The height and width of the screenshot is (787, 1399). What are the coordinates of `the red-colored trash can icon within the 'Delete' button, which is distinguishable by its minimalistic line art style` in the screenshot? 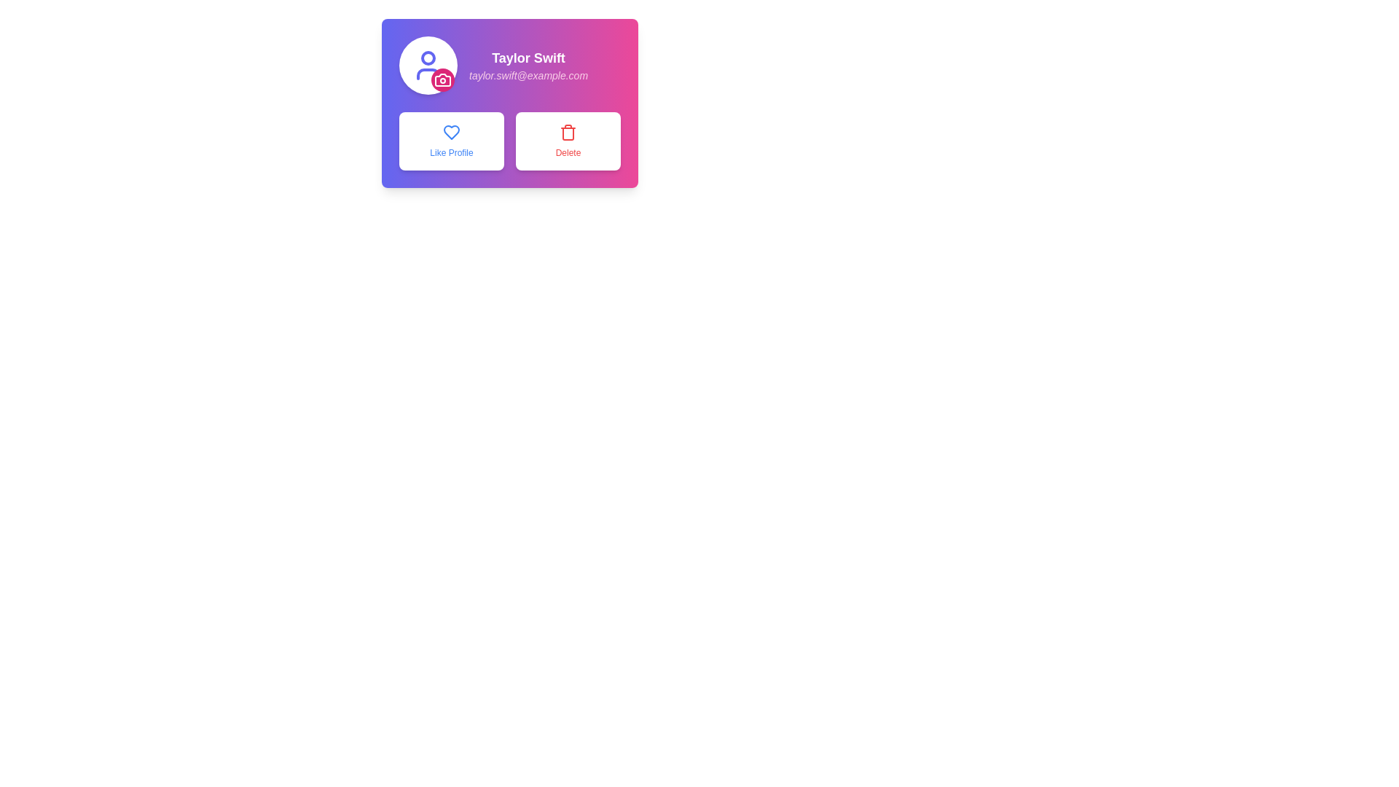 It's located at (567, 132).